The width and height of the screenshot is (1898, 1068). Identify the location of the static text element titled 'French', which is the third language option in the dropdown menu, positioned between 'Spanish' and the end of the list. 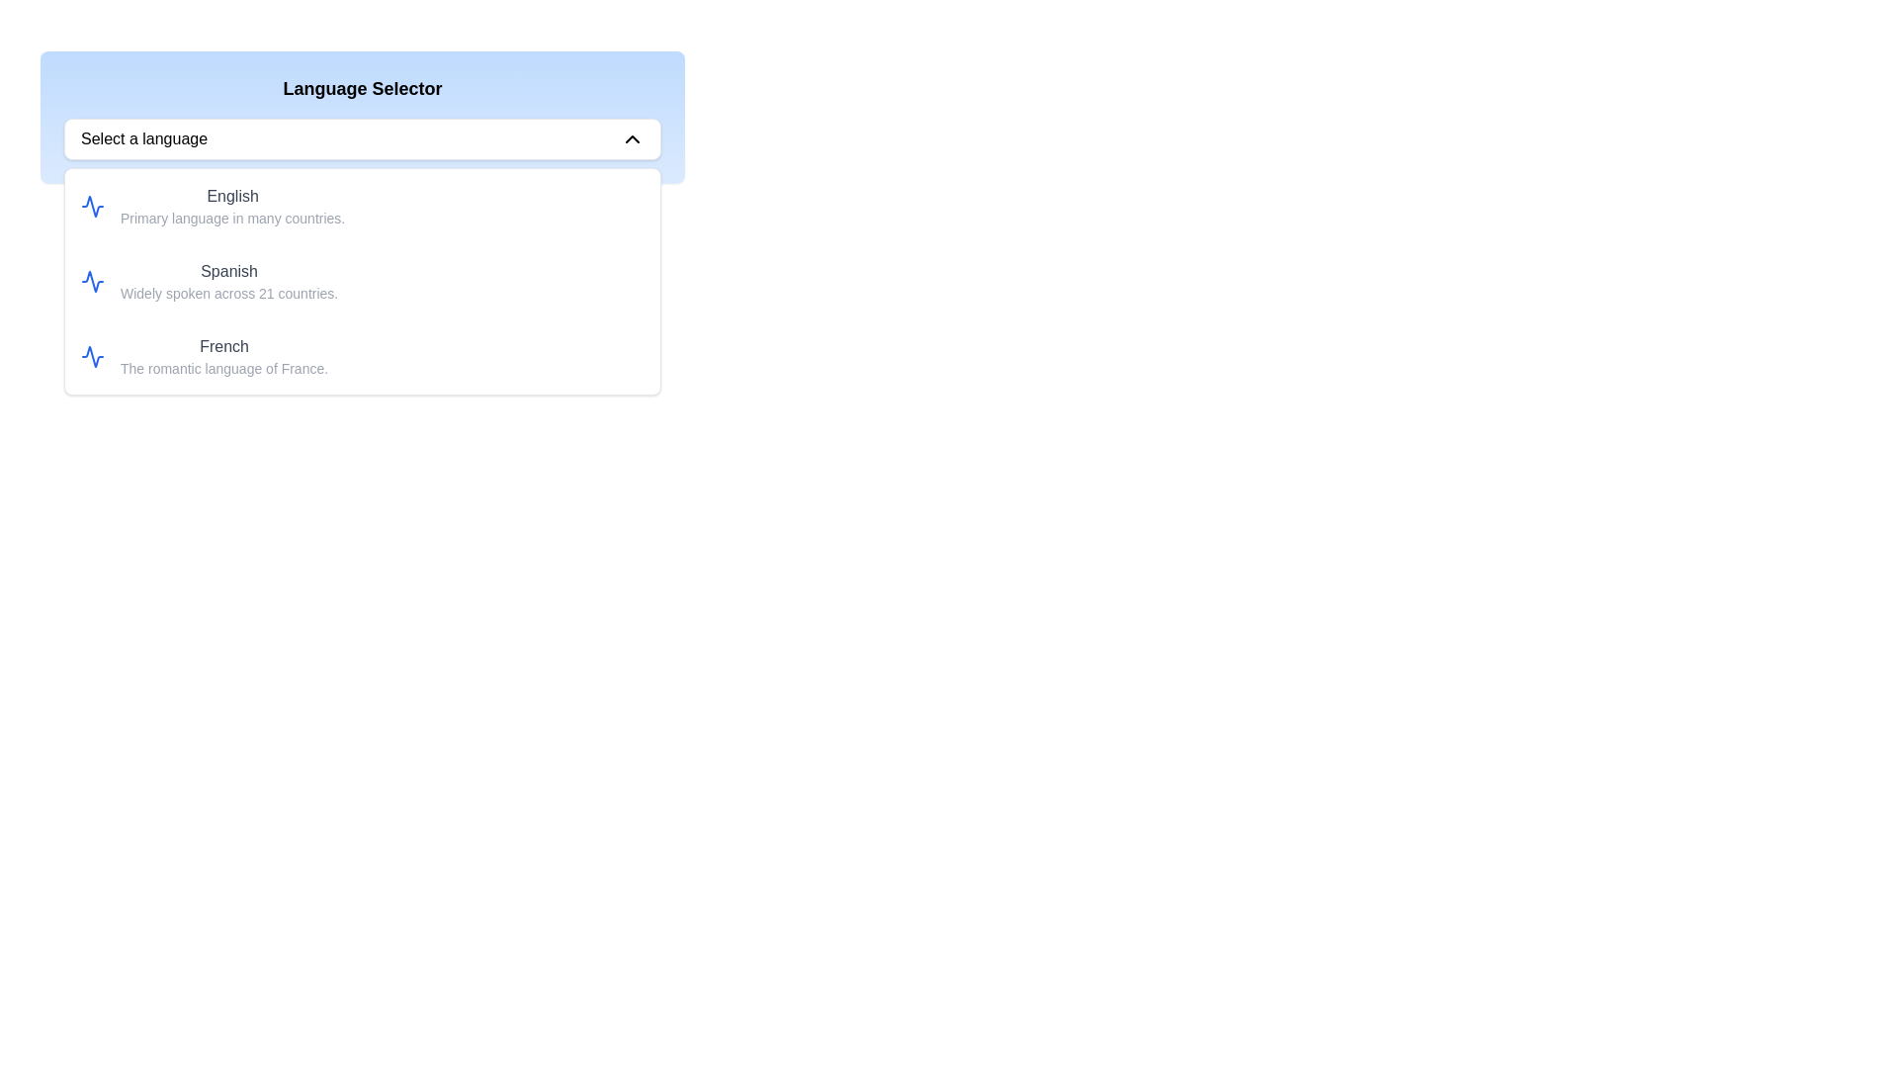
(224, 346).